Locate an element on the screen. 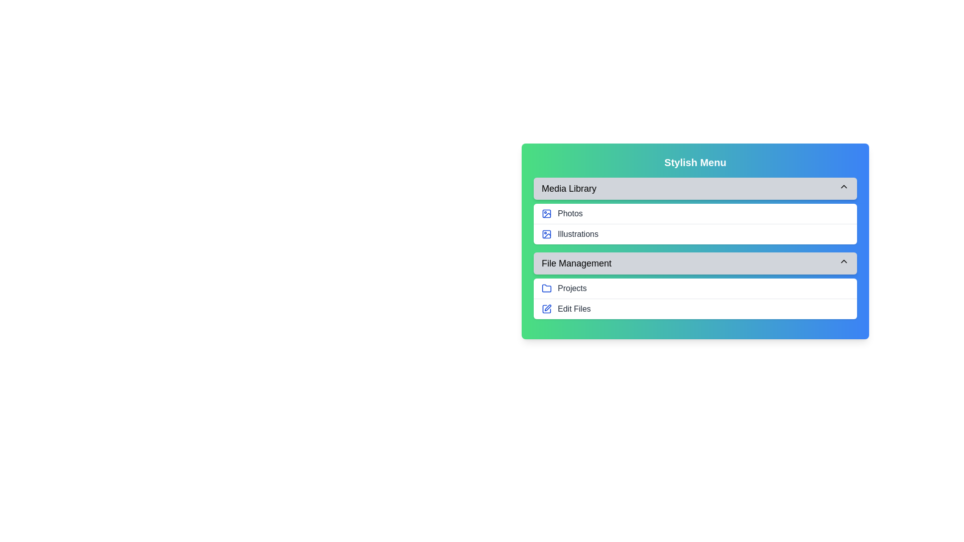  the 'Illustrations' text label in the second selectable row under the 'Media Library' section is located at coordinates (578, 234).